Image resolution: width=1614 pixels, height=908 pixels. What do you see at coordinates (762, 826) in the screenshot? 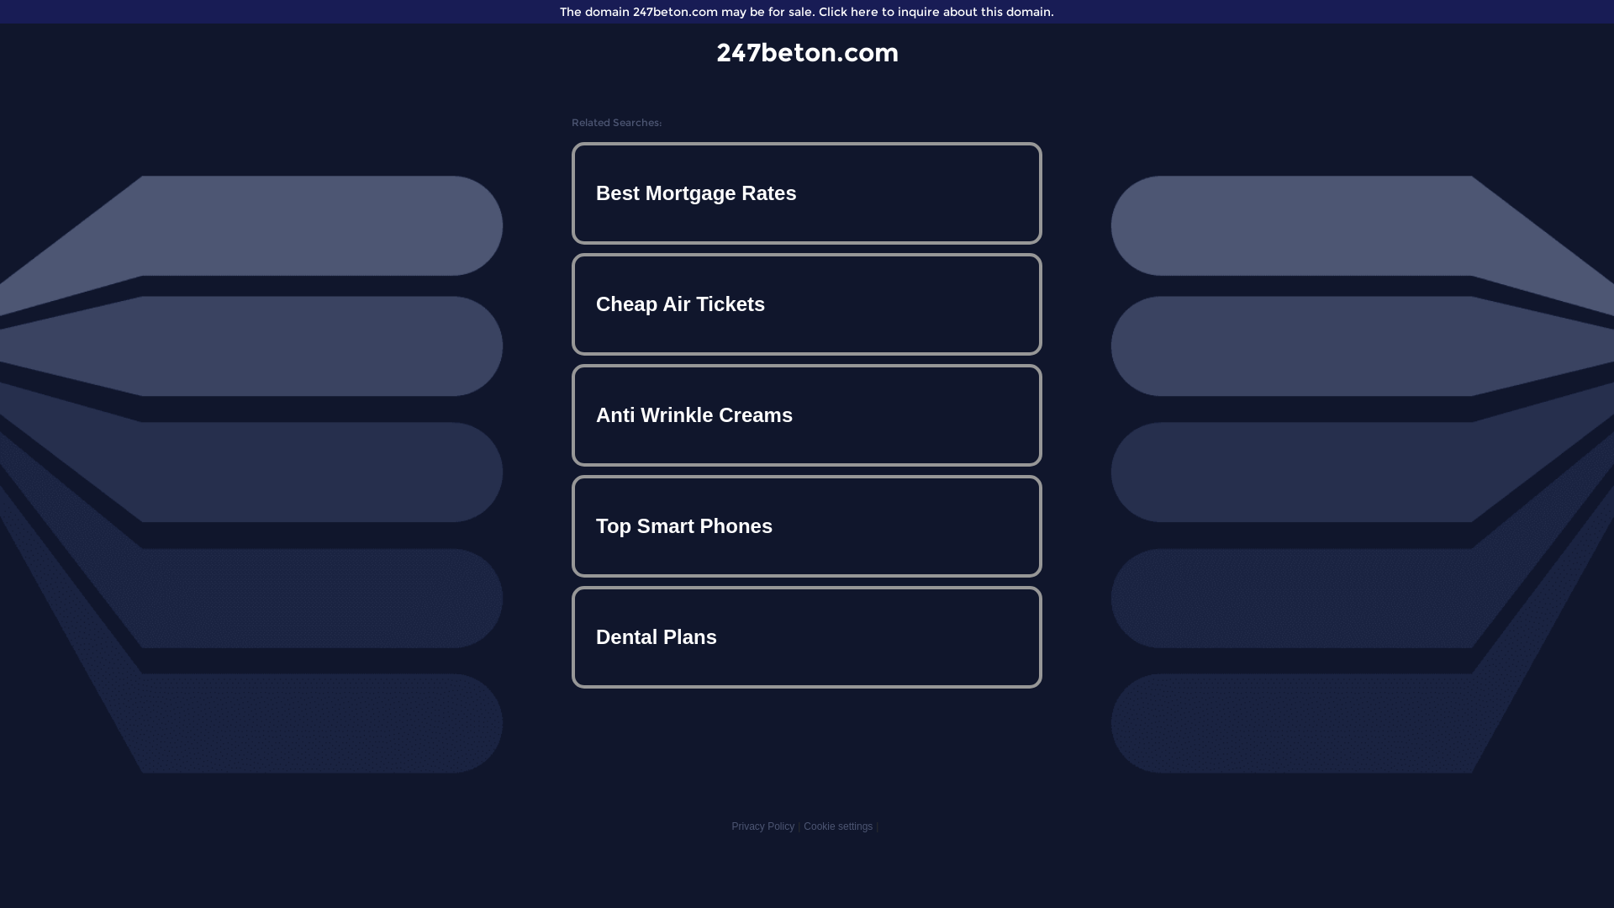
I see `'Privacy Policy'` at bounding box center [762, 826].